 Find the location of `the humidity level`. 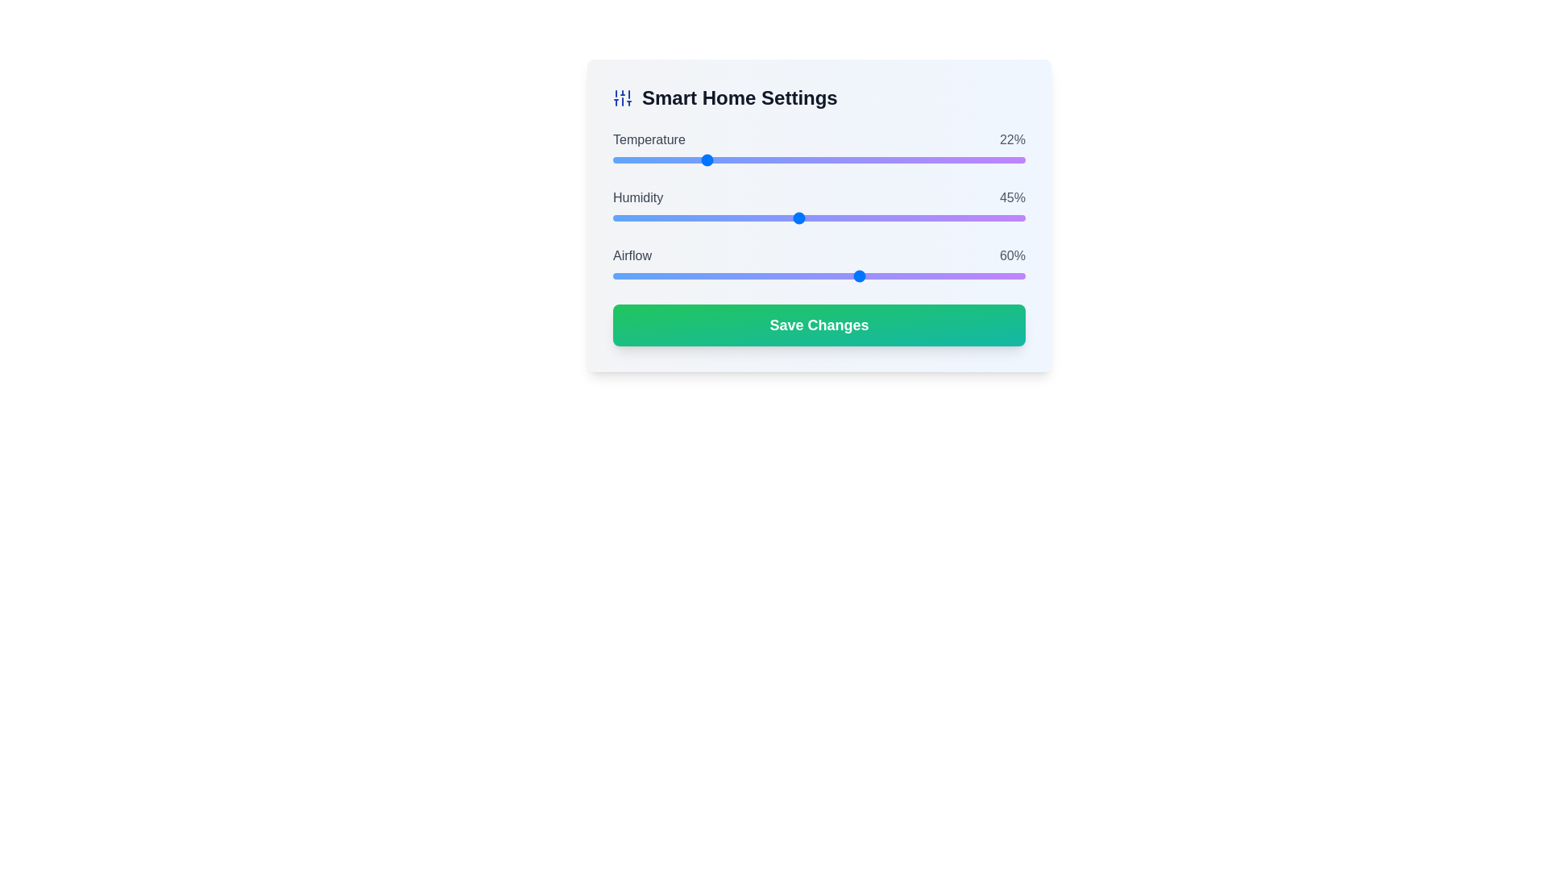

the humidity level is located at coordinates (1008, 213).